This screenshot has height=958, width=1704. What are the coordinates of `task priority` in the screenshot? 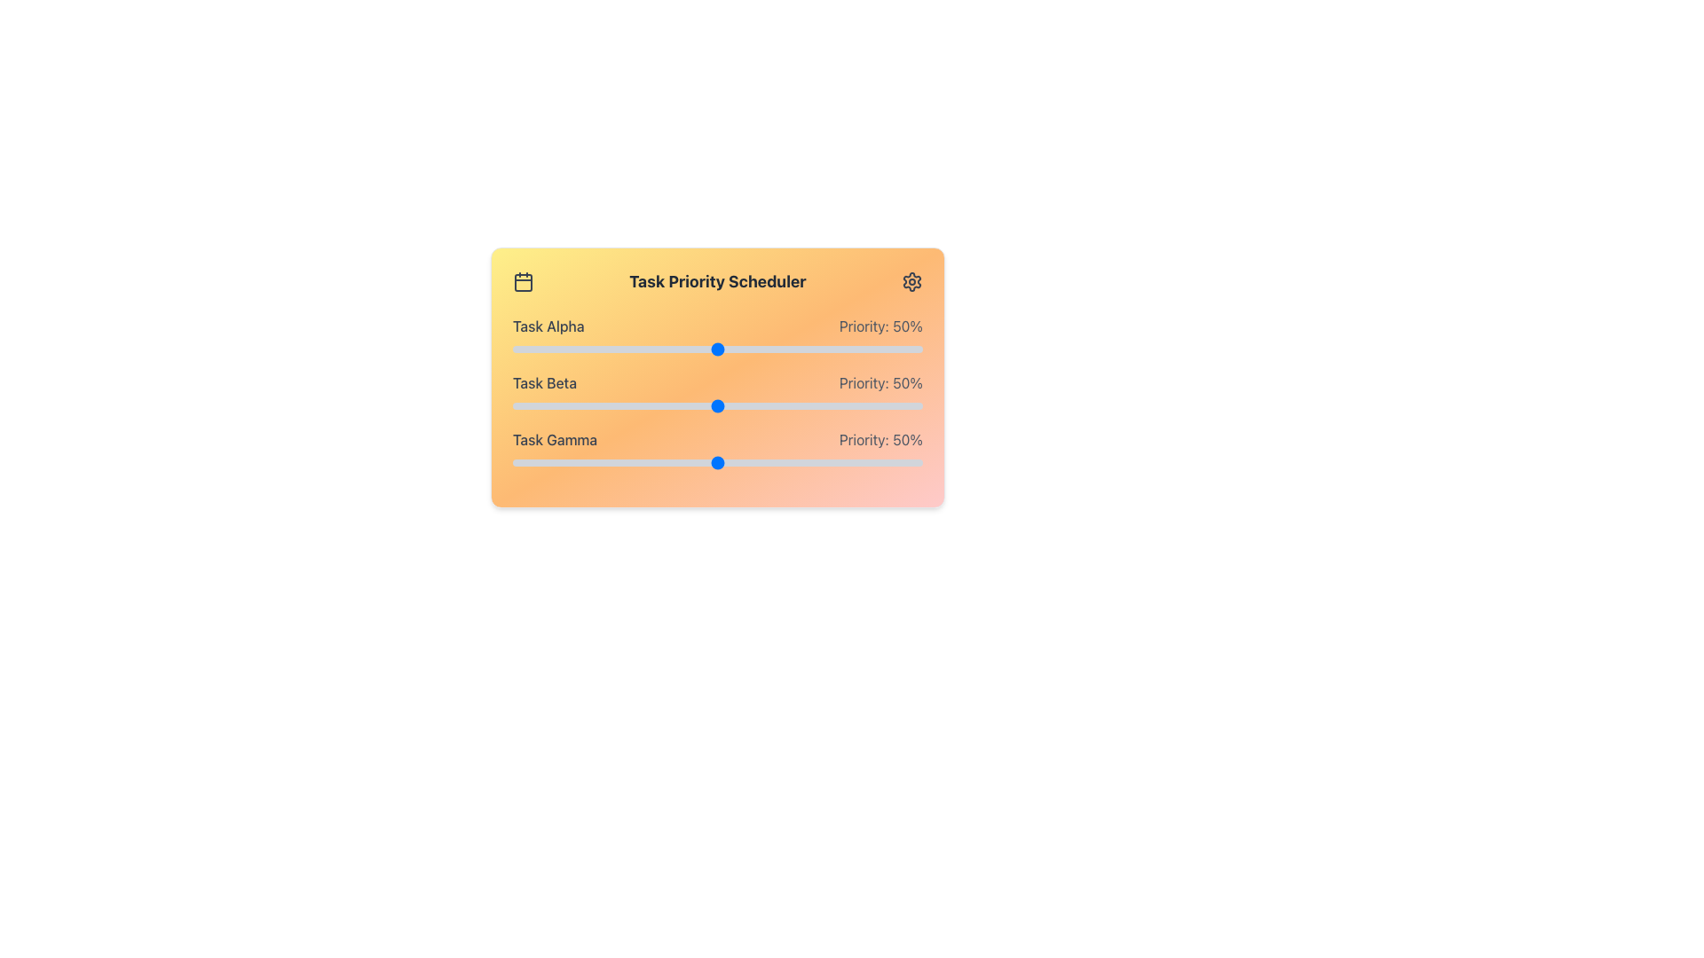 It's located at (894, 349).